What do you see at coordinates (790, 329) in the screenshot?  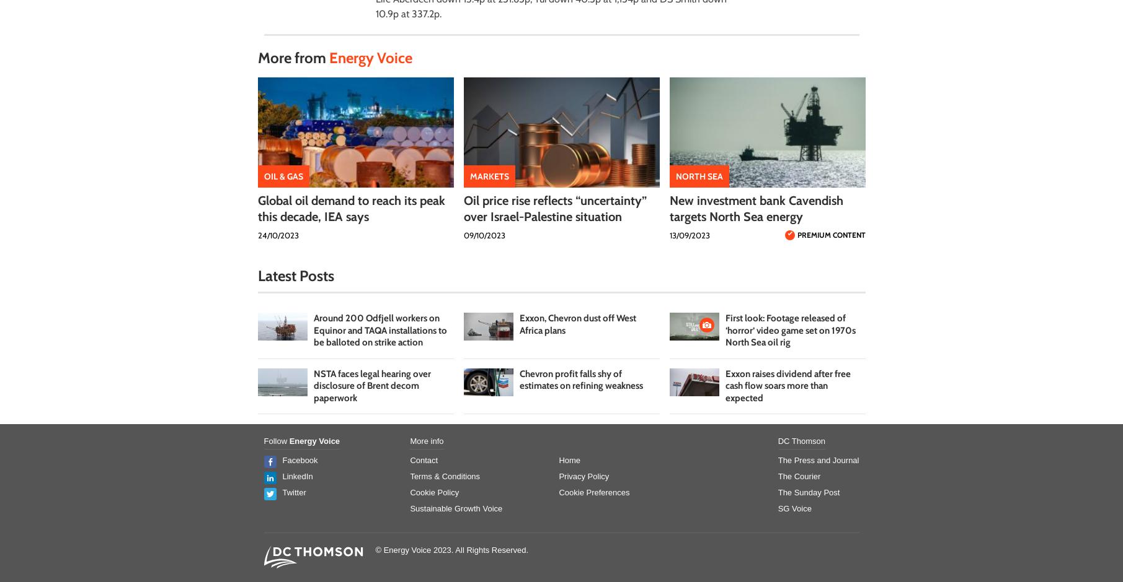 I see `'First look: Footage released of ‘horror’ video game set on 1970s North Sea oil rig'` at bounding box center [790, 329].